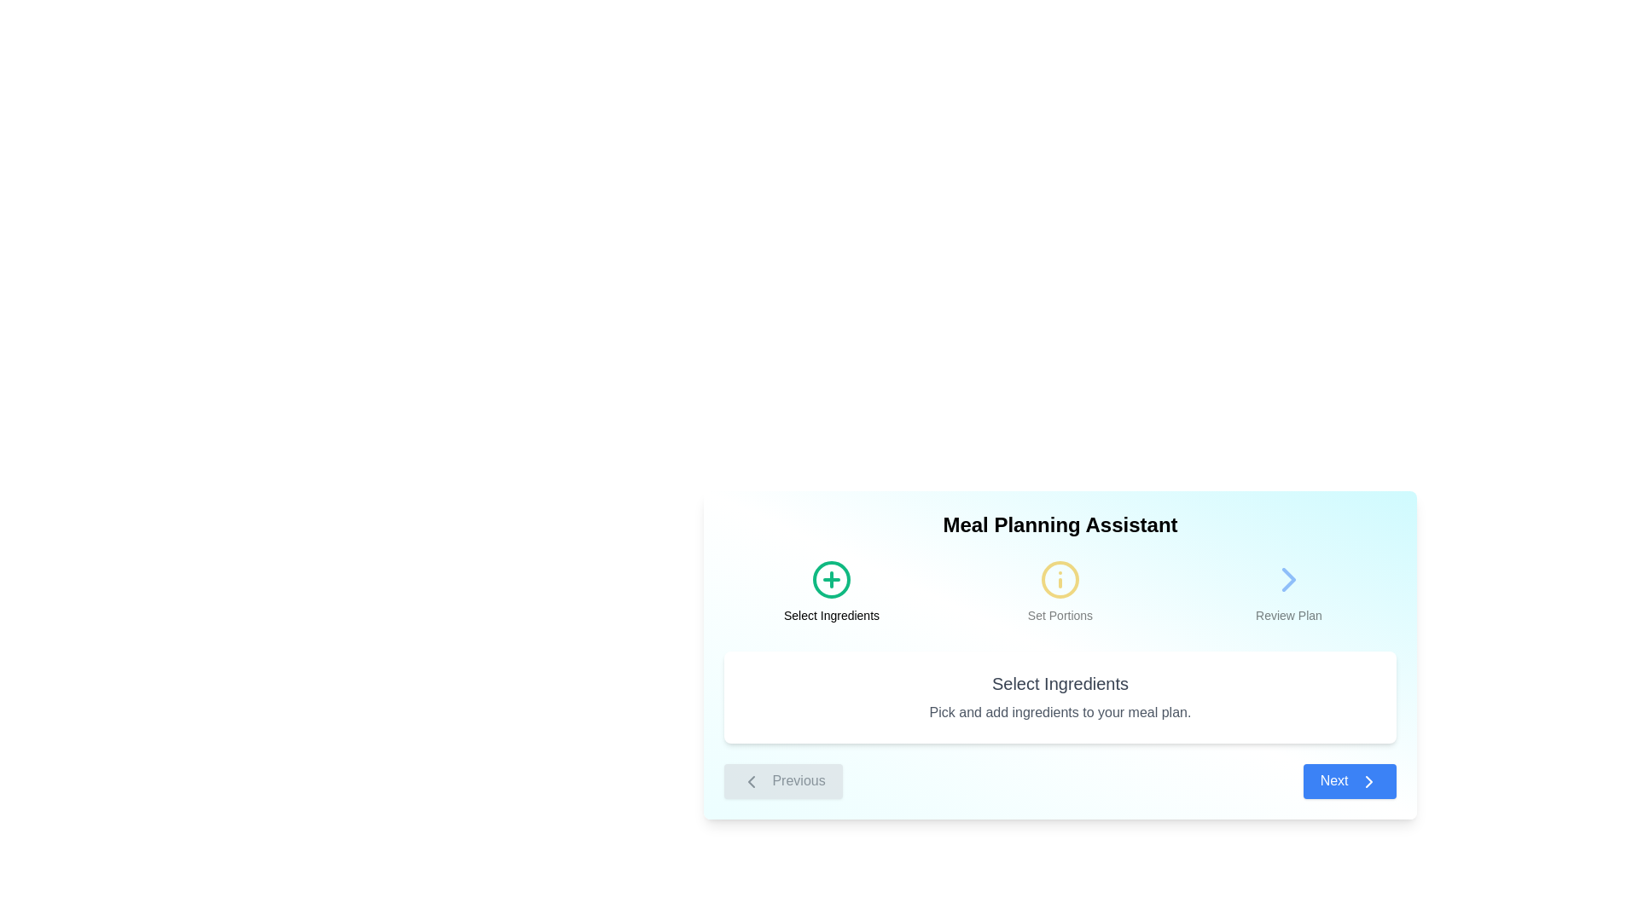  What do you see at coordinates (1060, 578) in the screenshot?
I see `the Information icon located directly above the 'Set Portions' label in the main interface section` at bounding box center [1060, 578].